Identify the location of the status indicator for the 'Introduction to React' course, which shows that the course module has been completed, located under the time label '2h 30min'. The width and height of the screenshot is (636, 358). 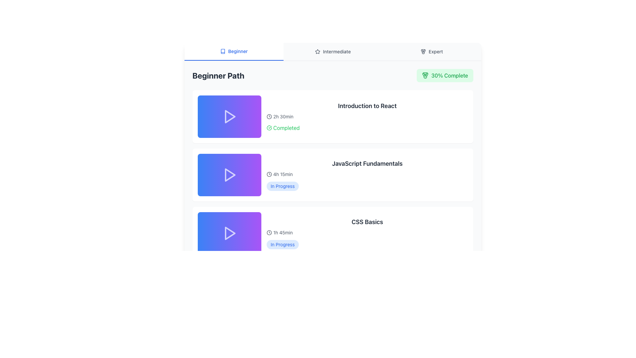
(283, 128).